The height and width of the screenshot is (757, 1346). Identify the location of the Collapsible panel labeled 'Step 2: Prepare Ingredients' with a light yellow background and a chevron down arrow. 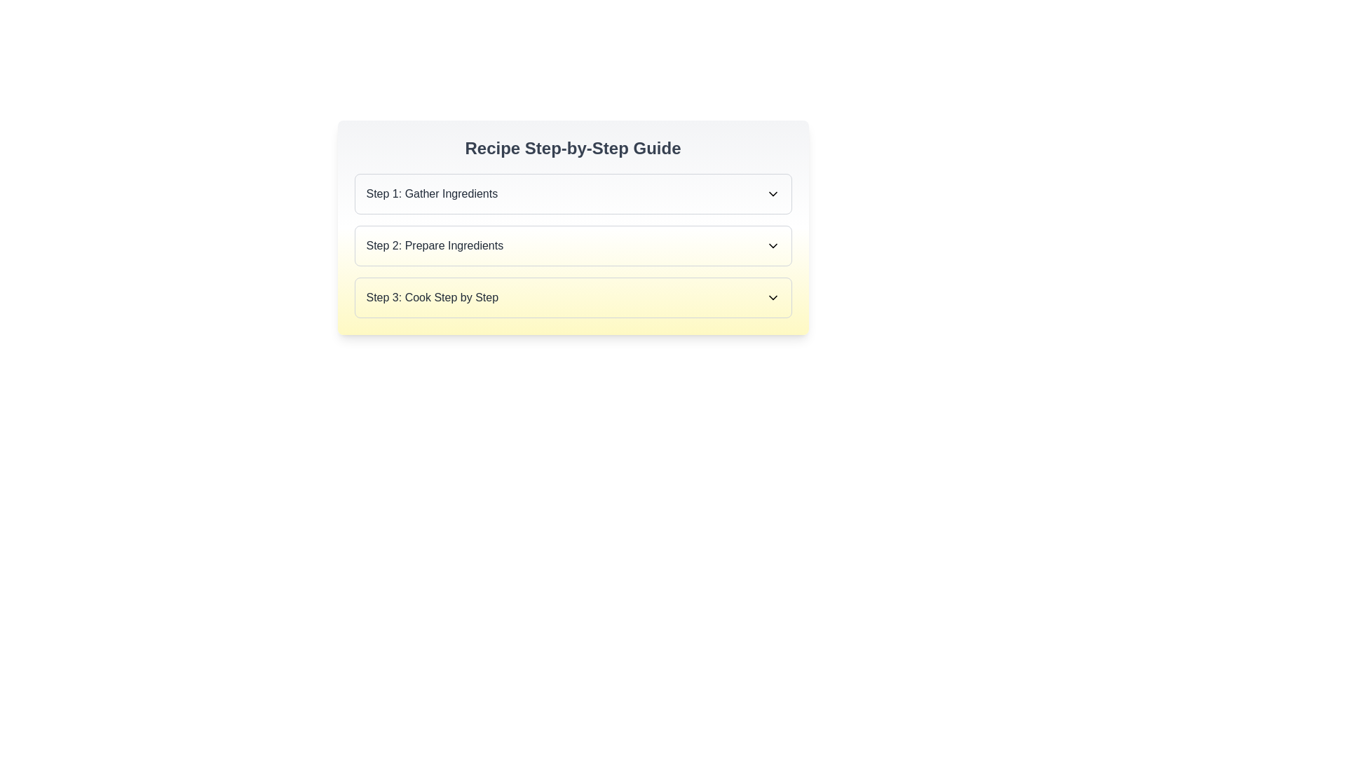
(573, 245).